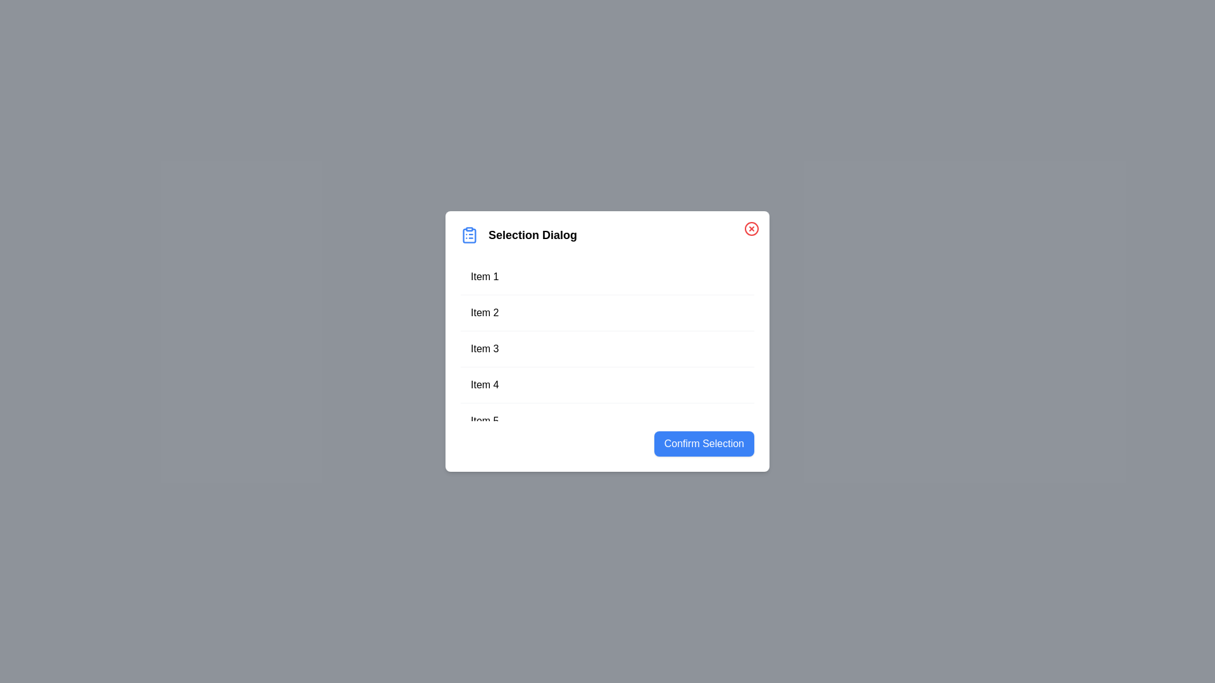 The height and width of the screenshot is (683, 1215). Describe the element at coordinates (703, 443) in the screenshot. I see `the 'Confirm Selection' button to finalize the selected items` at that location.